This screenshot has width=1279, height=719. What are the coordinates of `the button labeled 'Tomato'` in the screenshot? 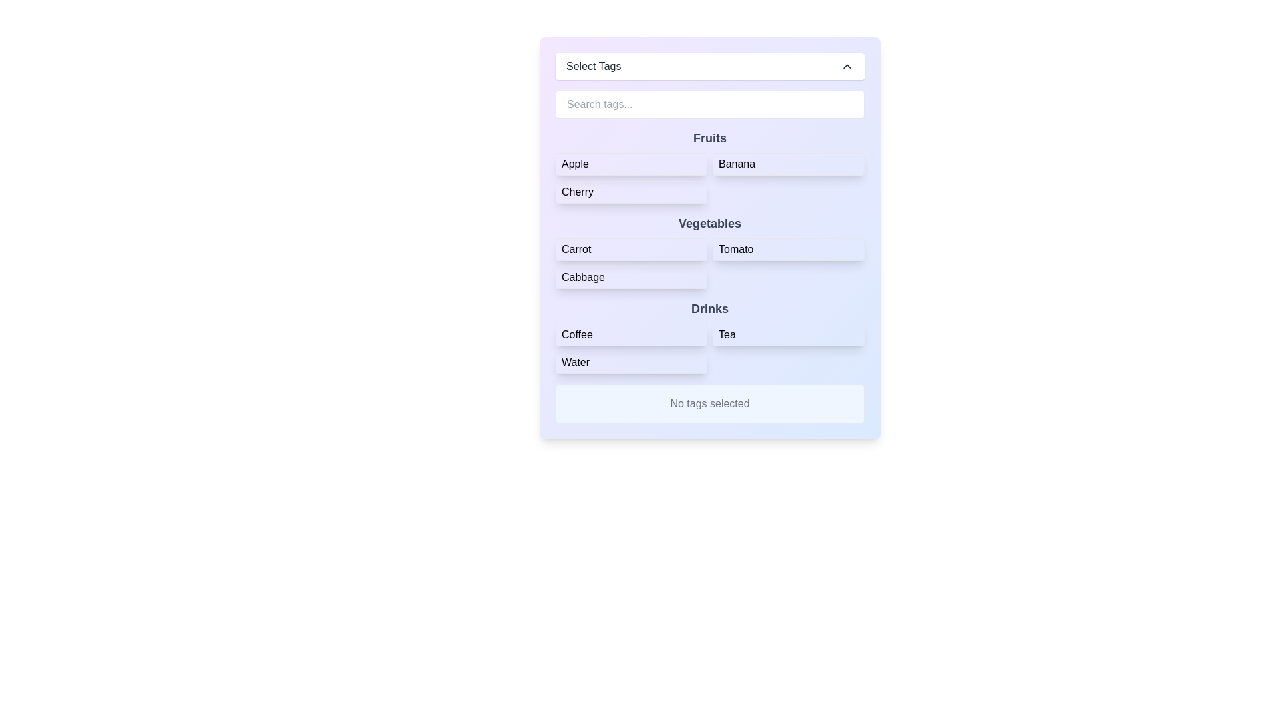 It's located at (789, 249).